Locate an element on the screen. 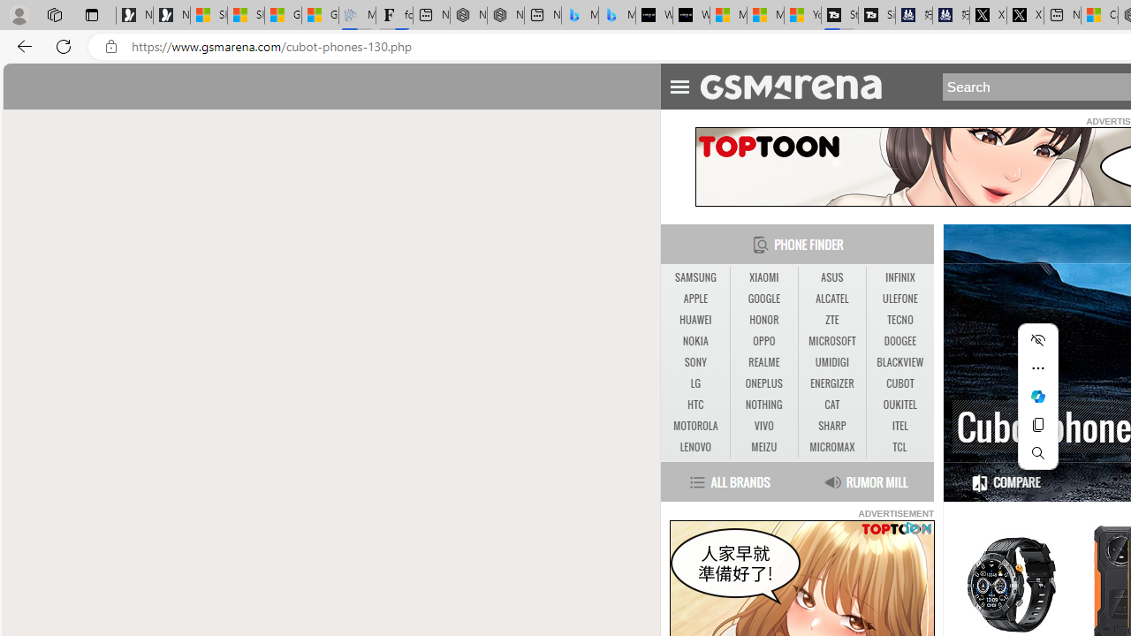 The width and height of the screenshot is (1131, 636). 'MICROMAX' is located at coordinates (831, 446).